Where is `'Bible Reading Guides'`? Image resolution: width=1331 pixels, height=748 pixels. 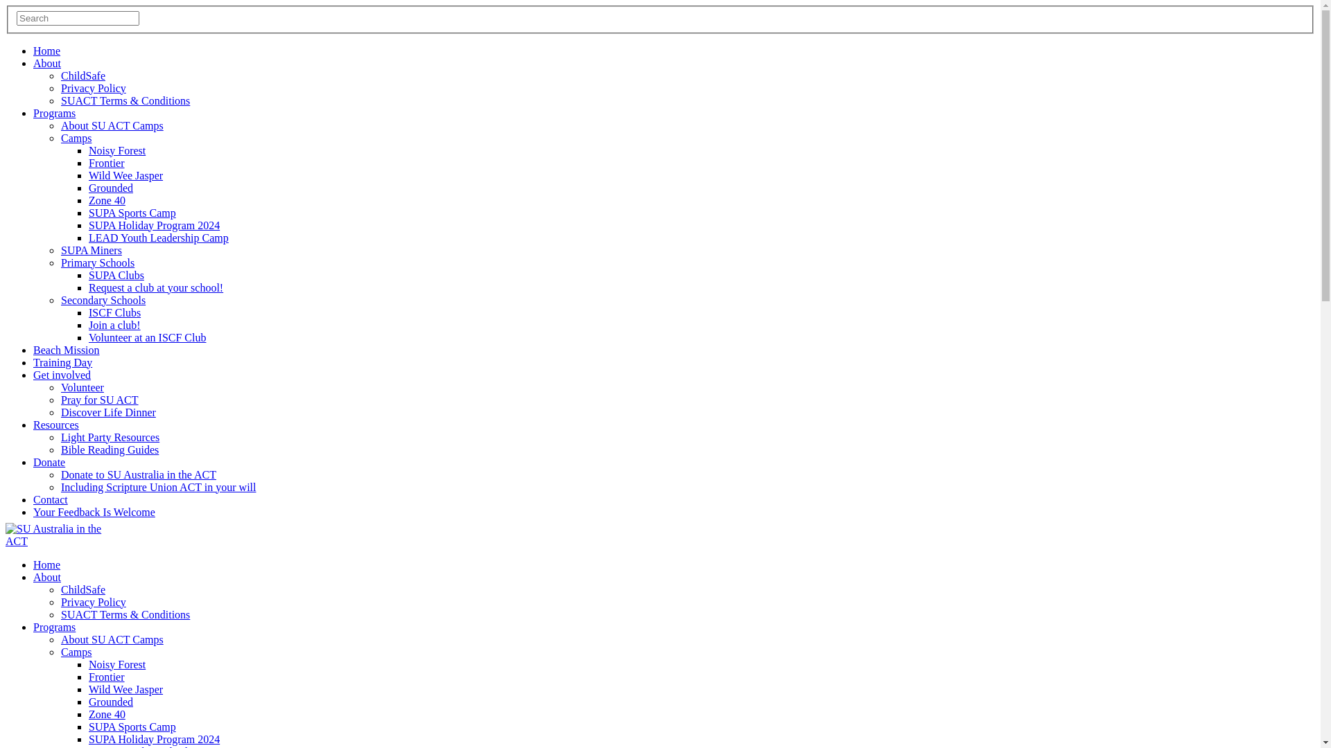
'Bible Reading Guides' is located at coordinates (109, 449).